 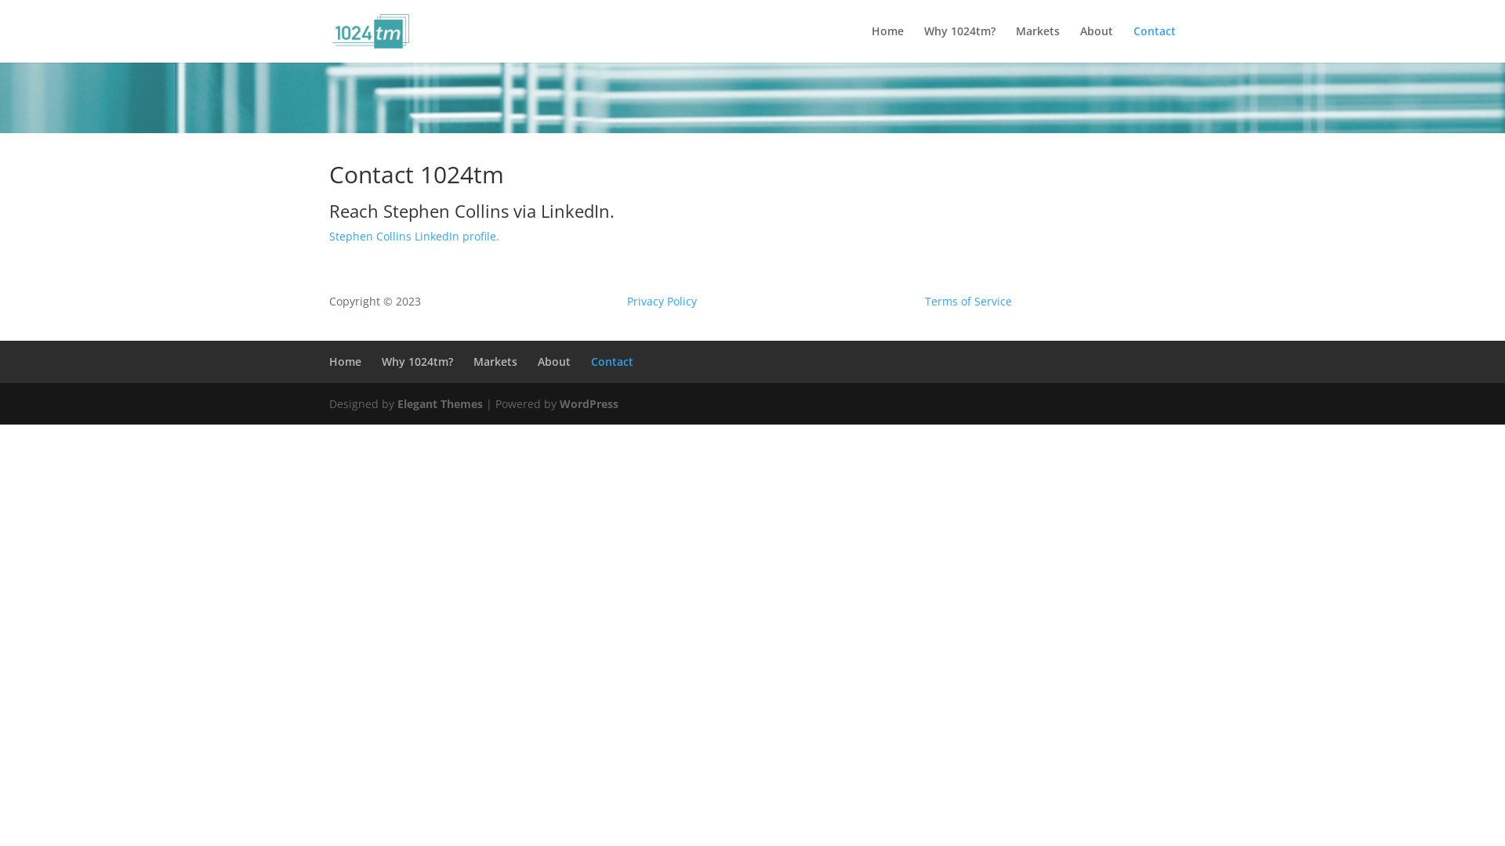 I want to click on 'Why 1024tm?', so click(x=381, y=361).